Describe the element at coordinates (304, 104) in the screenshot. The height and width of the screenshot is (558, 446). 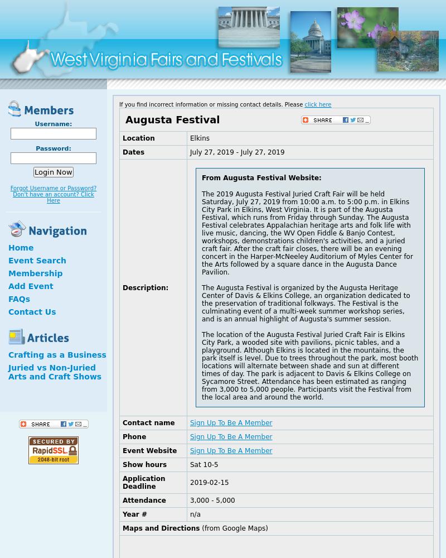
I see `'click here'` at that location.